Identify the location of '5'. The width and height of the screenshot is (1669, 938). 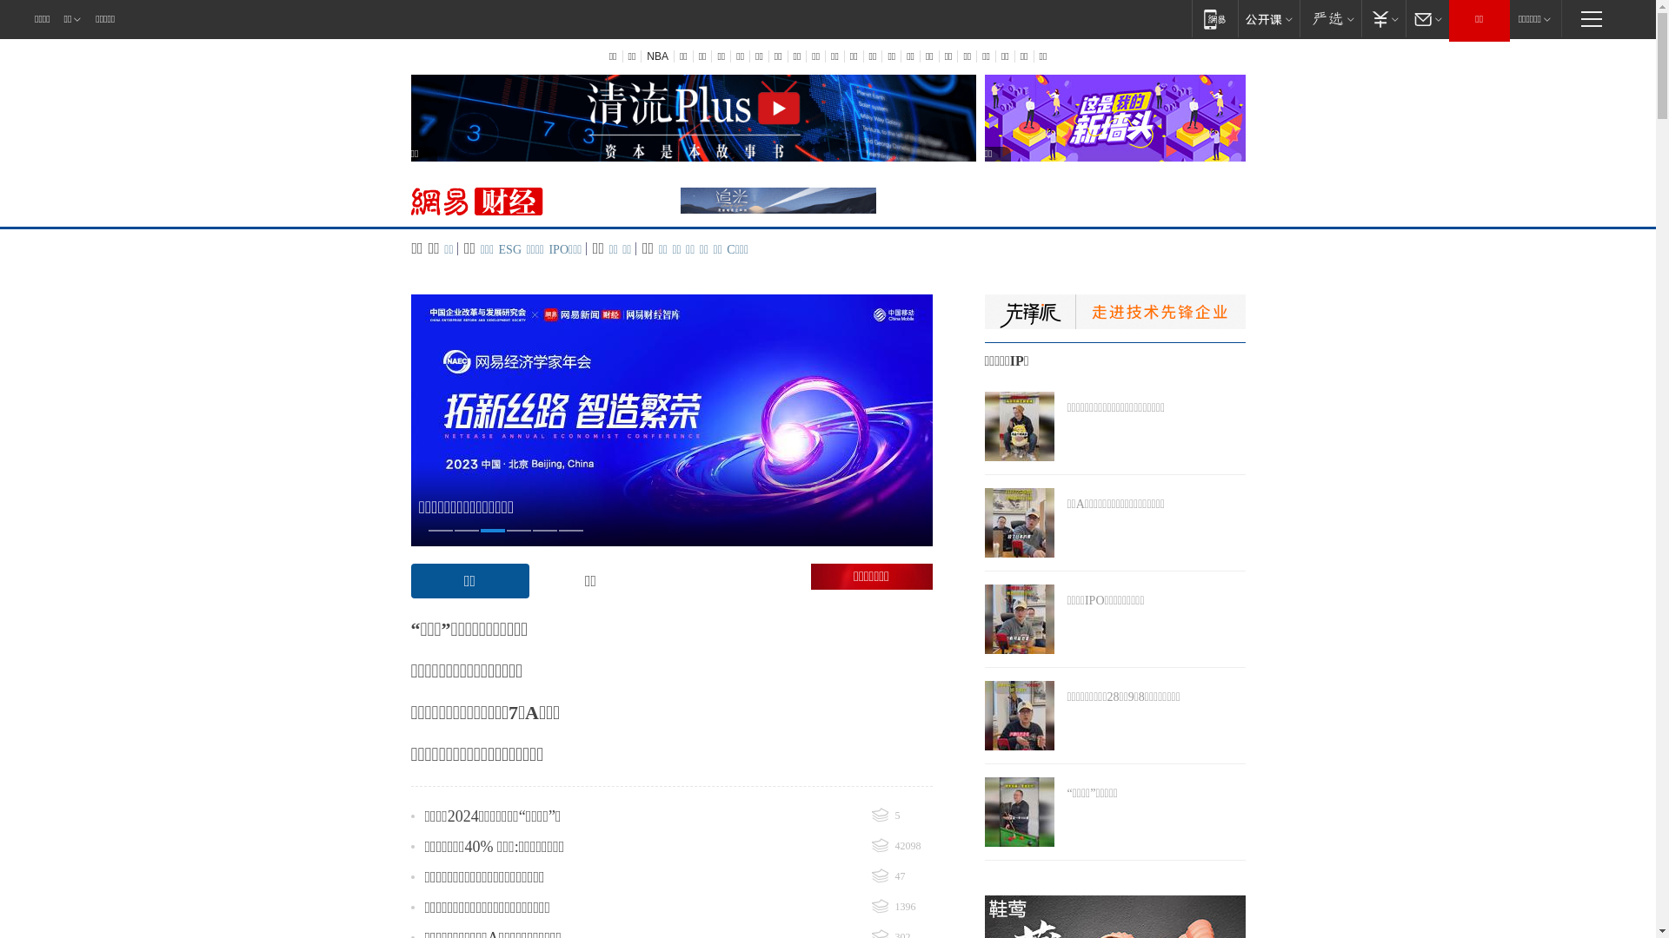
(901, 816).